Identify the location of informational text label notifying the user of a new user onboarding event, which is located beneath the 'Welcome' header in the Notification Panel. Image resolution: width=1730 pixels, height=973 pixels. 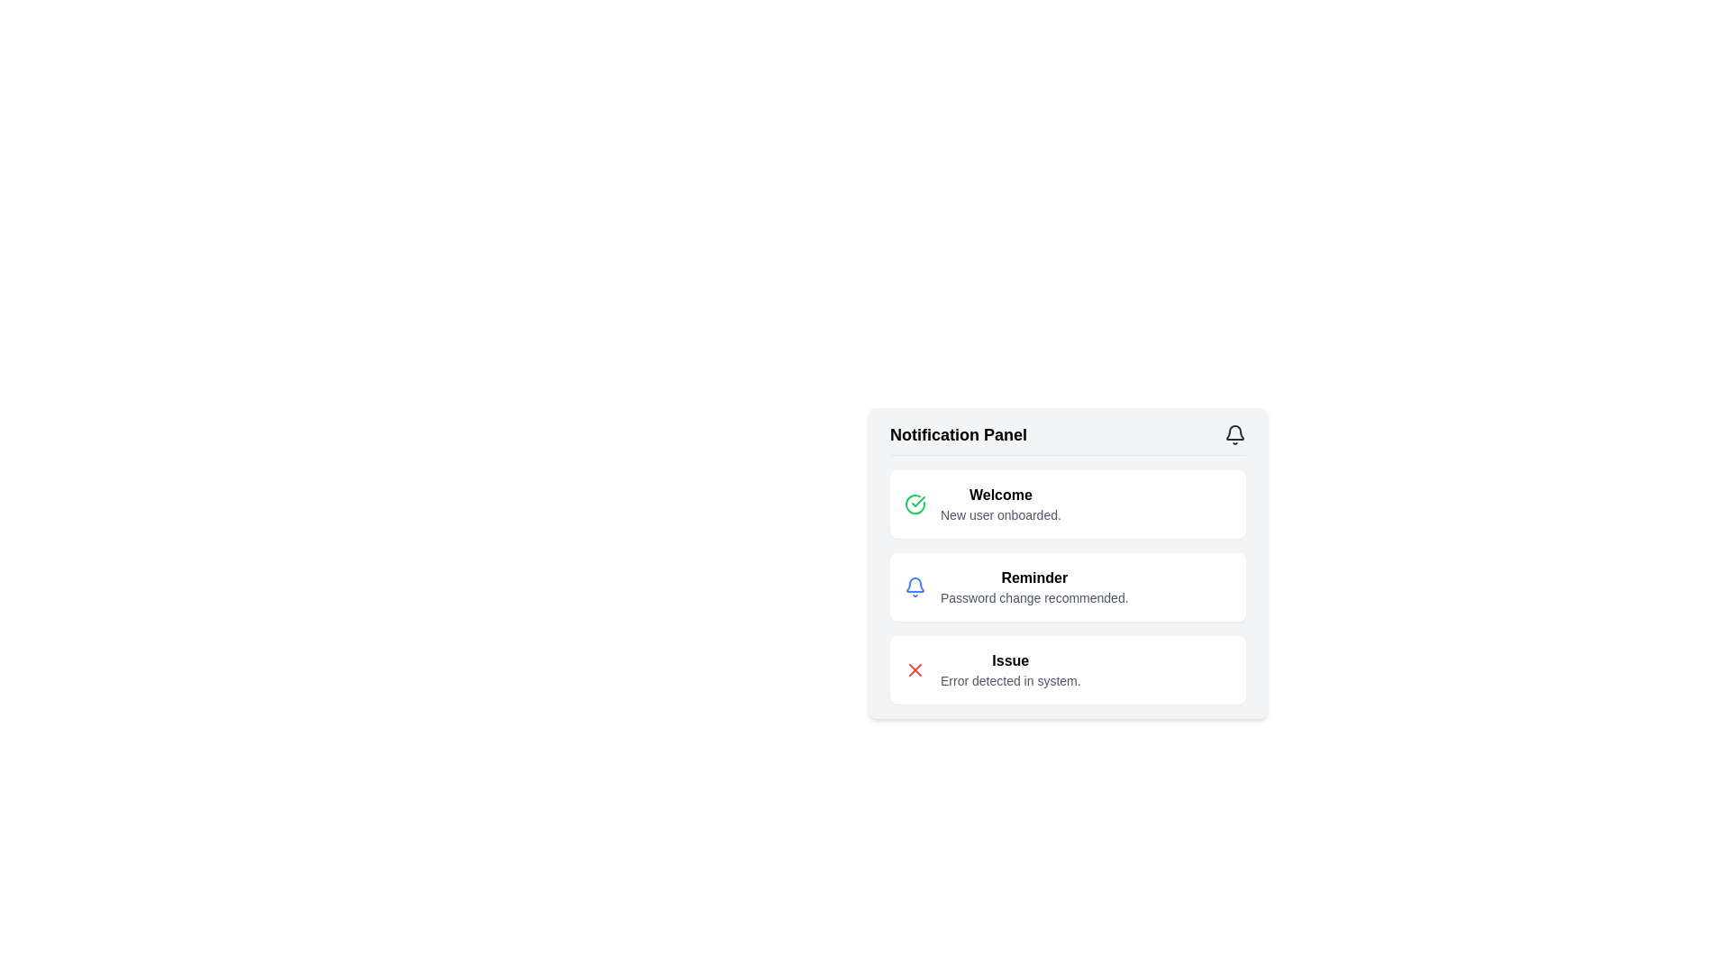
(999, 514).